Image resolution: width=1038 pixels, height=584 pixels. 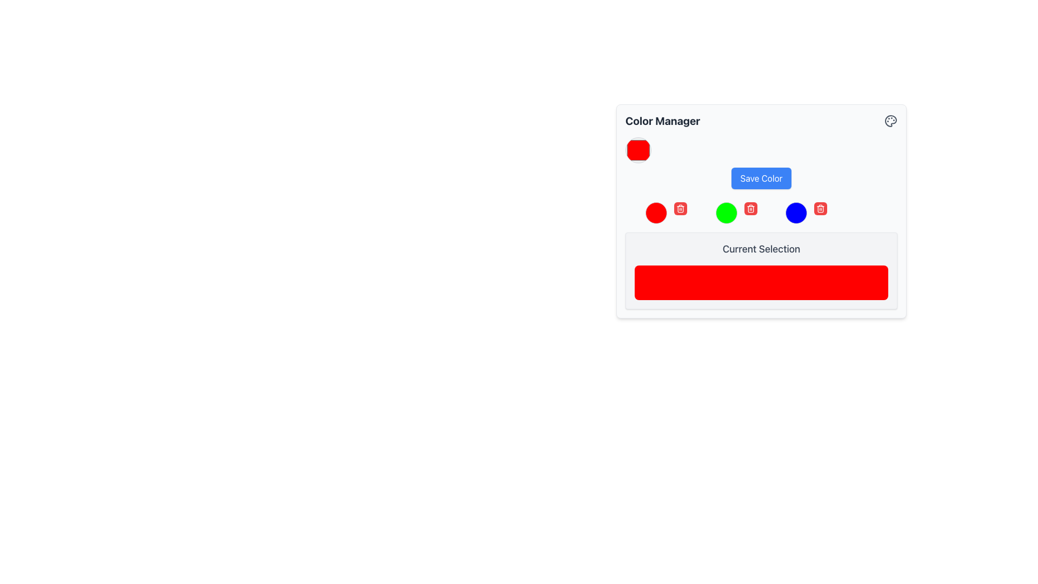 What do you see at coordinates (761, 178) in the screenshot?
I see `the blue rectangular button labeled 'Save Color'` at bounding box center [761, 178].